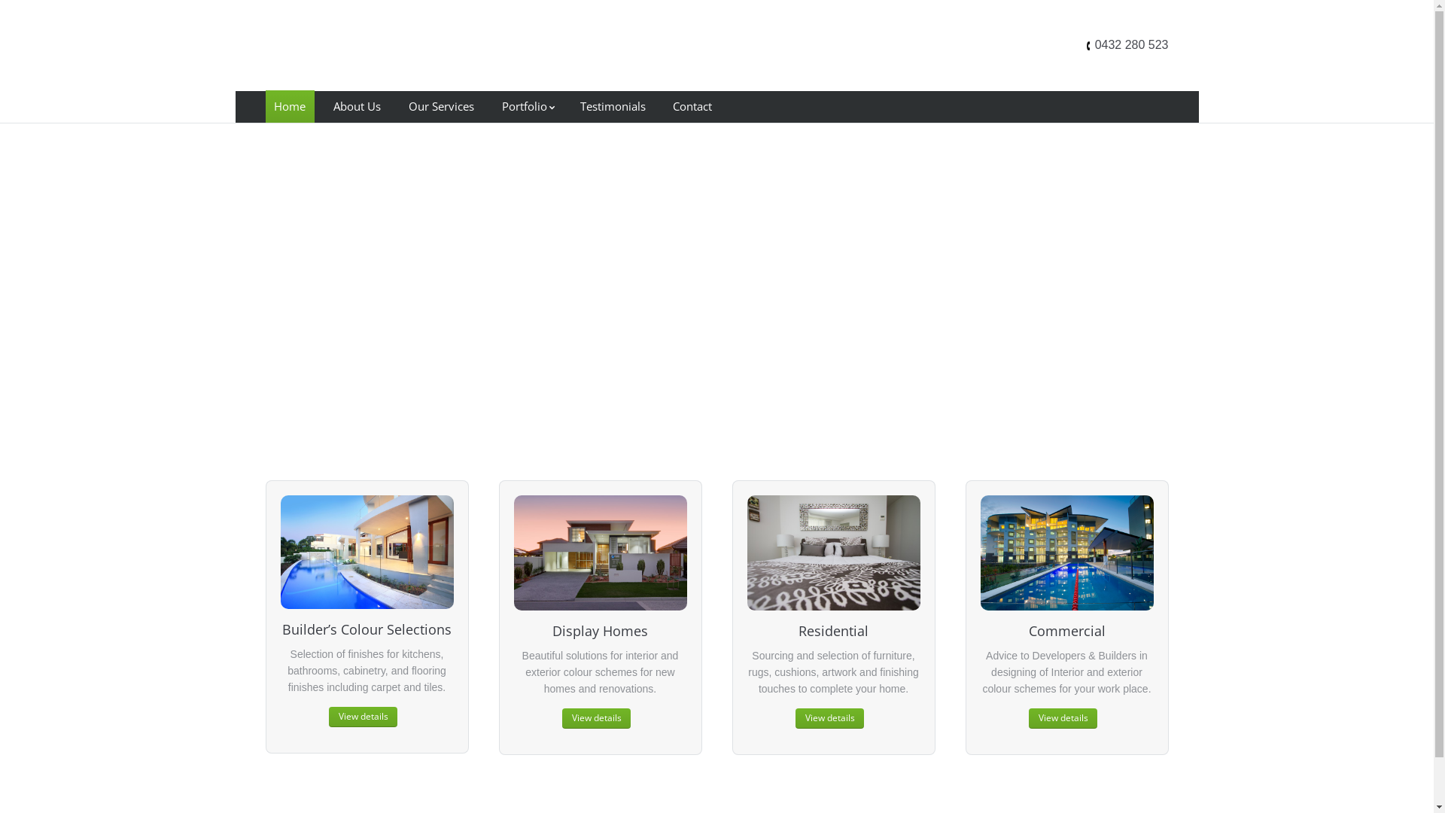 The width and height of the screenshot is (1445, 813). I want to click on 'Testimonials', so click(613, 105).